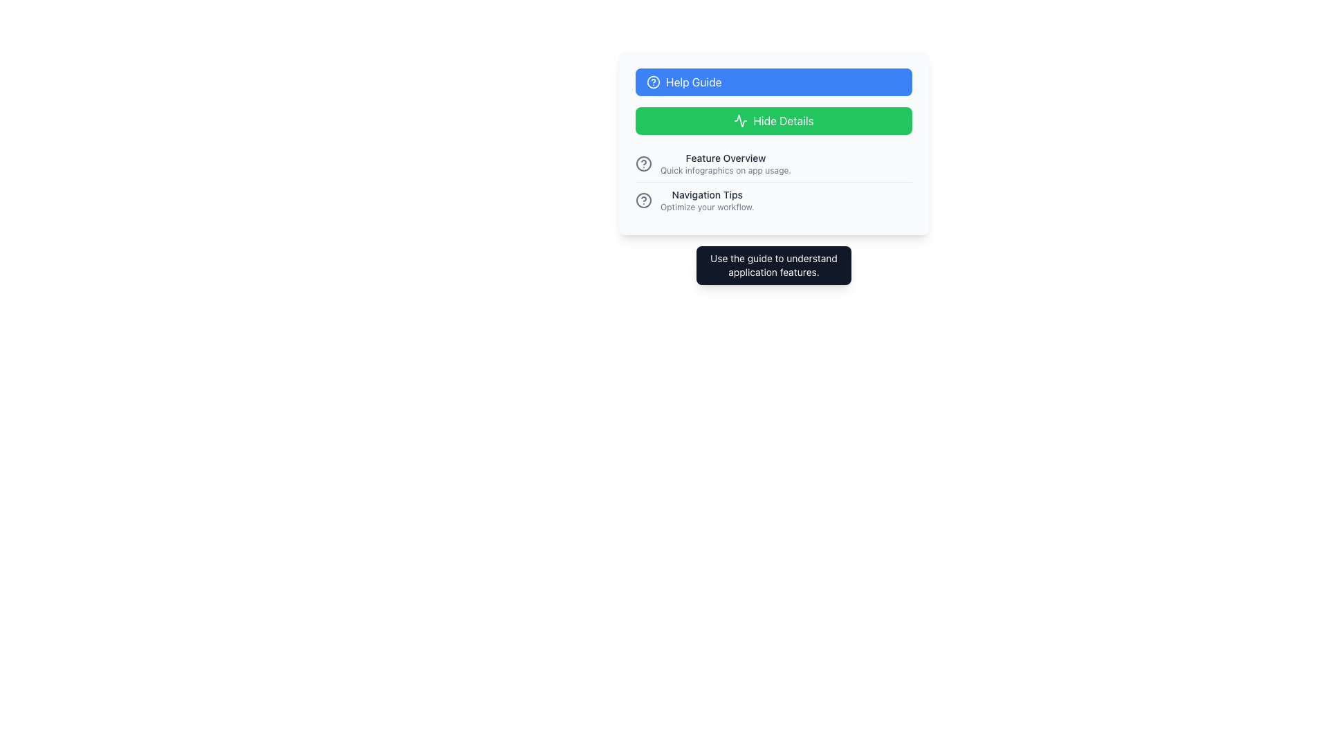 Image resolution: width=1328 pixels, height=747 pixels. Describe the element at coordinates (653, 82) in the screenshot. I see `the circular help icon with a blue background and white stroke located within the 'Help Guide' button, positioned at the top of the vertically stacked list of actionable elements` at that location.